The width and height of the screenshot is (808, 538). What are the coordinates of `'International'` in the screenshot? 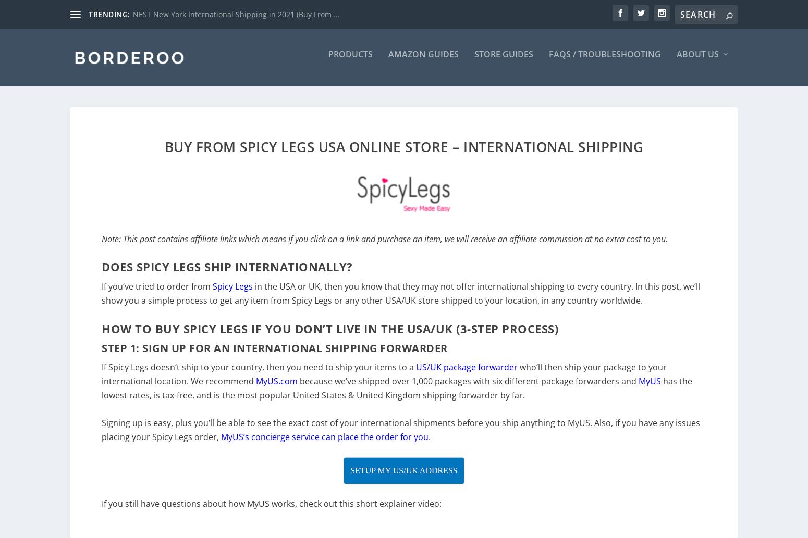 It's located at (278, 354).